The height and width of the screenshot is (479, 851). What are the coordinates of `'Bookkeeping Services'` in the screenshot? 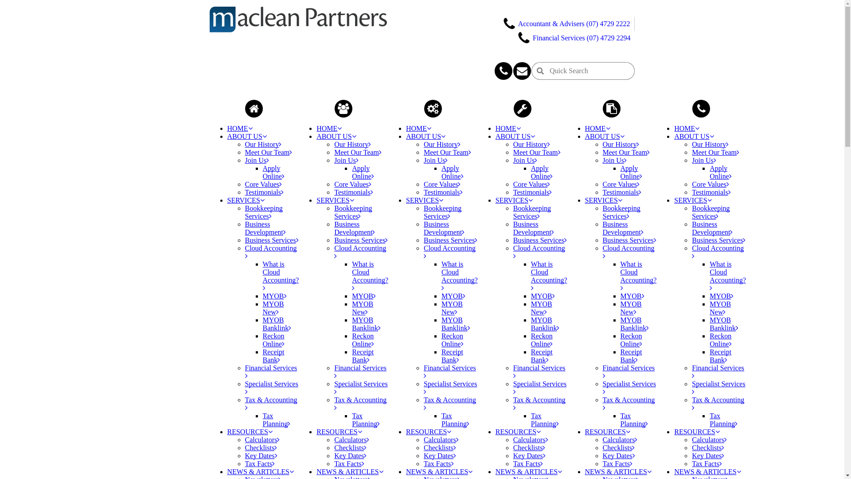 It's located at (710, 212).